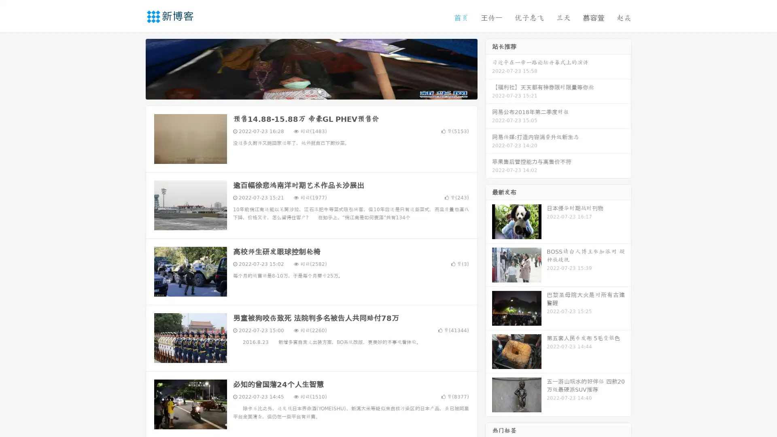 The height and width of the screenshot is (437, 777). I want to click on Go to slide 1, so click(303, 91).